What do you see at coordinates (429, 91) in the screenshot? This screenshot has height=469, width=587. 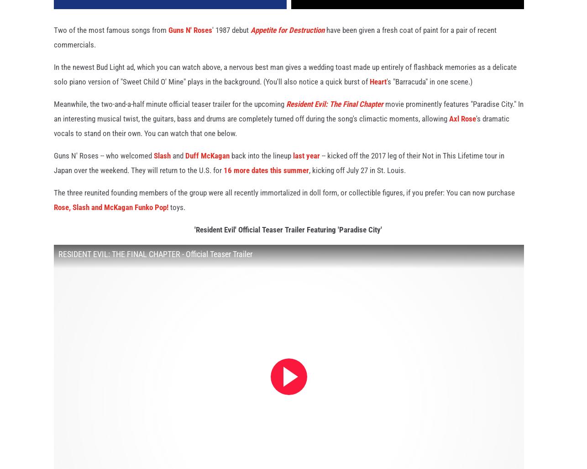 I see `''s "Barracuda" in one scene.)'` at bounding box center [429, 91].